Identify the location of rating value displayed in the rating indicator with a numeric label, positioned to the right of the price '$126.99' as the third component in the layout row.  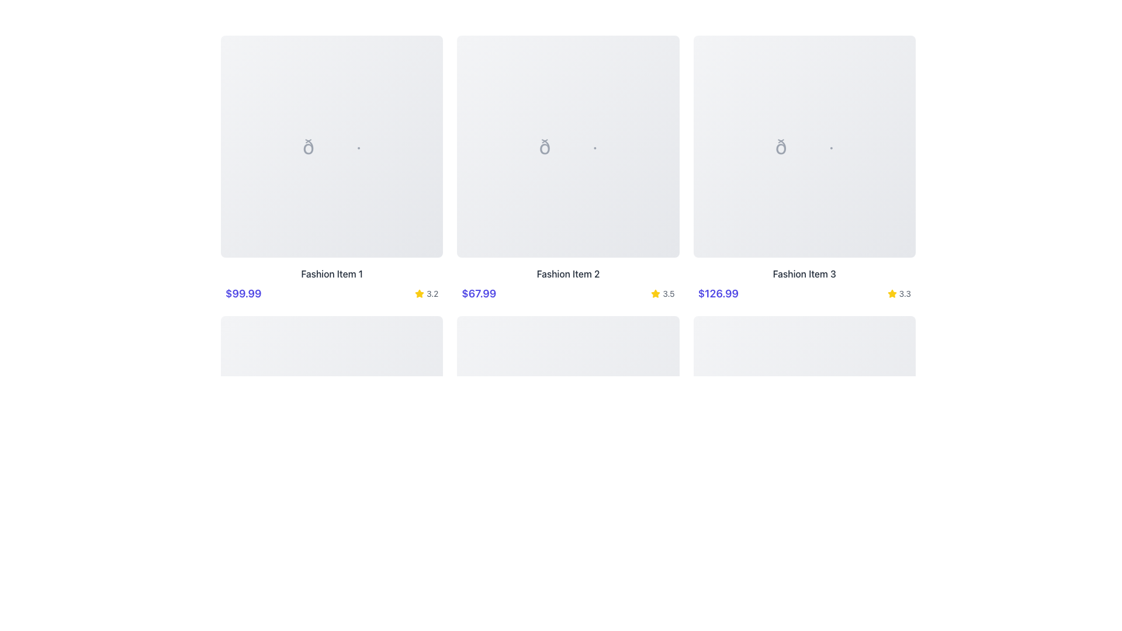
(898, 293).